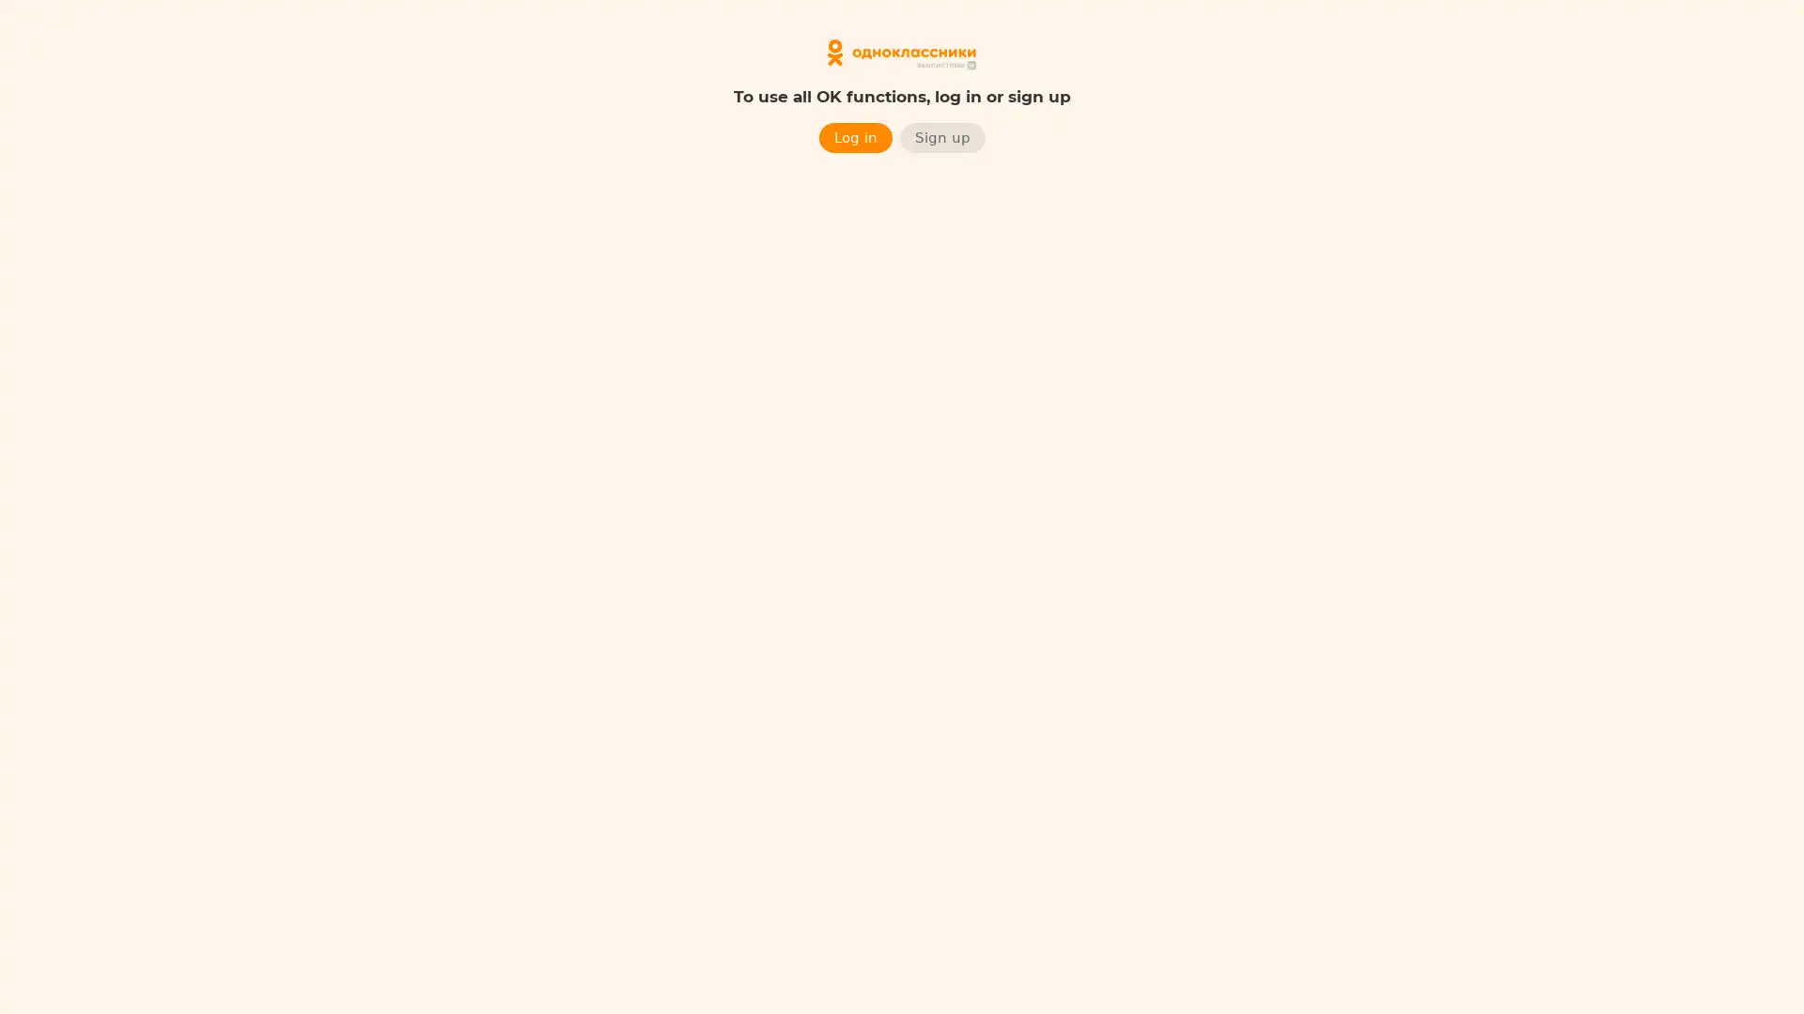 This screenshot has height=1014, width=1804. What do you see at coordinates (854, 136) in the screenshot?
I see `Log in` at bounding box center [854, 136].